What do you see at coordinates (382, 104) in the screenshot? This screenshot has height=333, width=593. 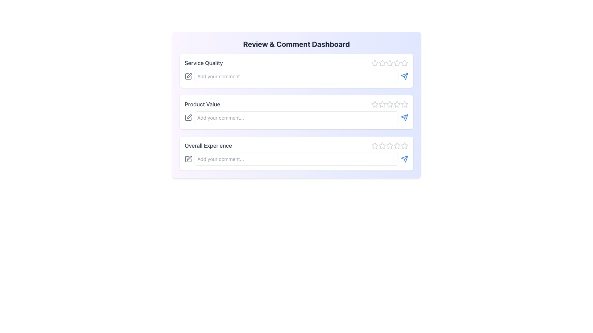 I see `the second star in the interactive rating system` at bounding box center [382, 104].